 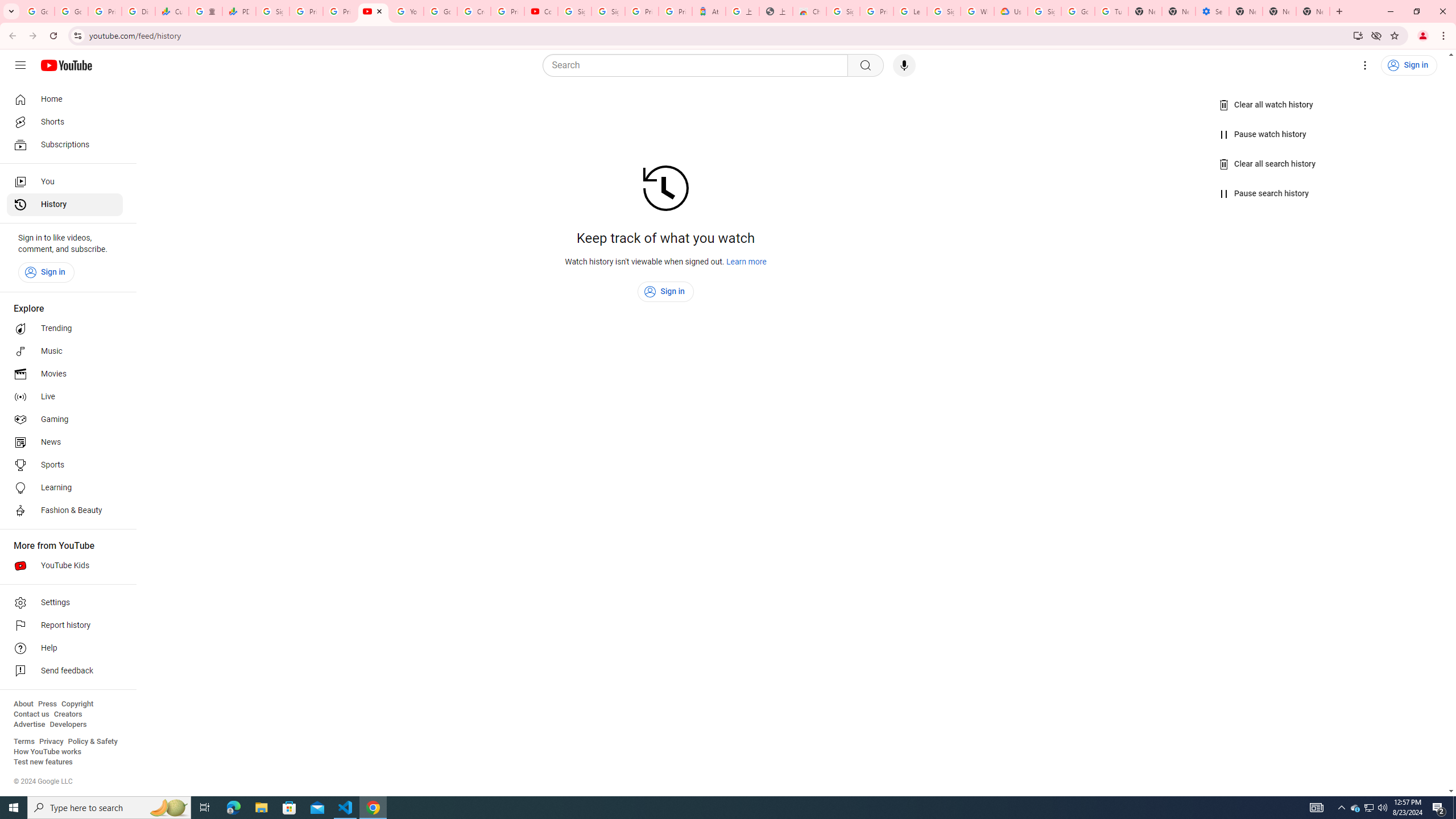 What do you see at coordinates (1246, 11) in the screenshot?
I see `'New Tab'` at bounding box center [1246, 11].